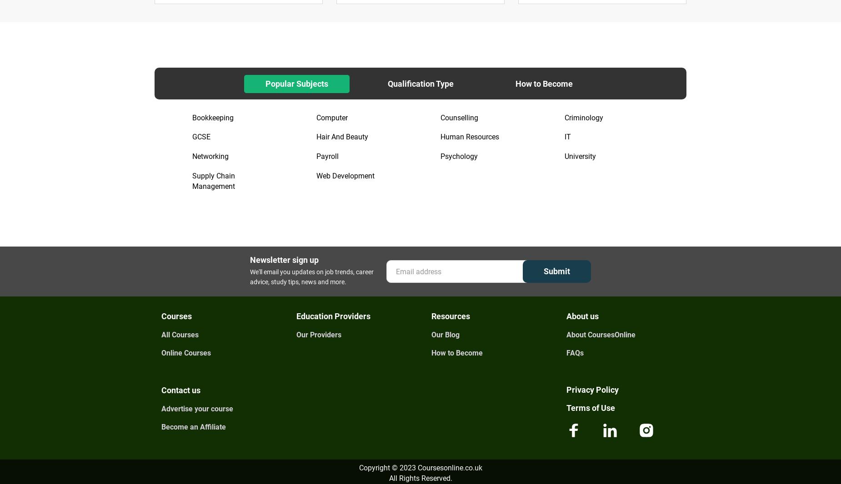 This screenshot has width=841, height=484. I want to click on 'Resources', so click(450, 316).